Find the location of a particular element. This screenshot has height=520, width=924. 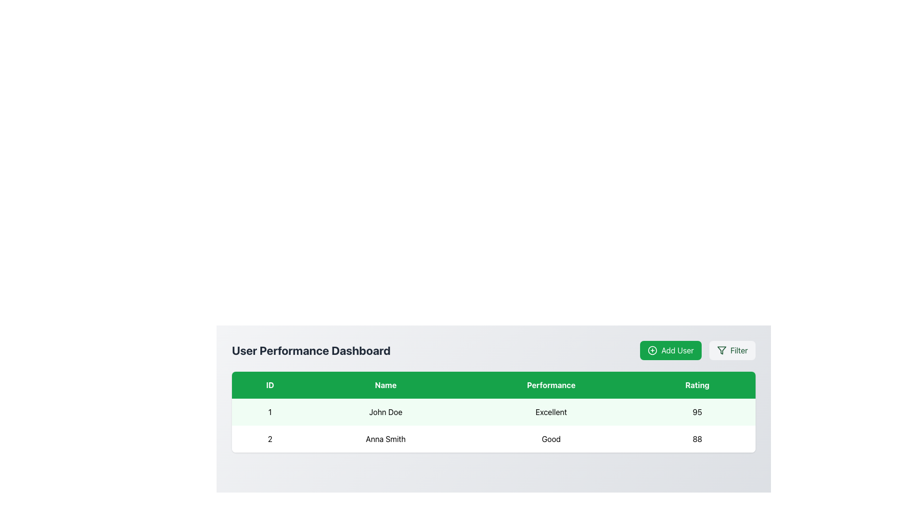

the third header Text Label in the table, which is located between the 'Name' and 'Rating' headers is located at coordinates (551, 384).